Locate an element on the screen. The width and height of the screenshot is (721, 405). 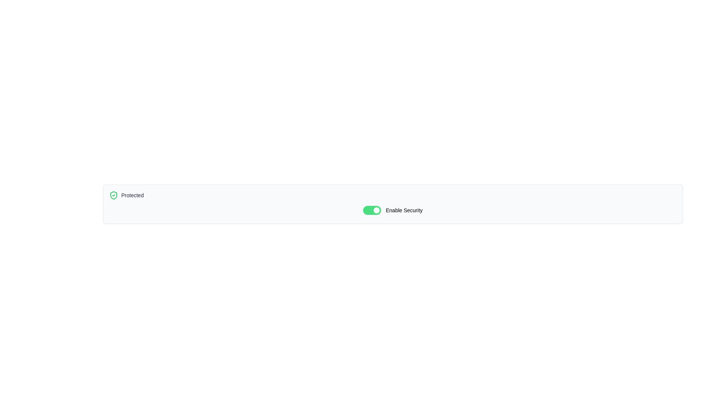
the area surrounding the shield icon that indicates security is active, located on the left-hand side of the control panel near the text 'Protected' is located at coordinates (113, 195).